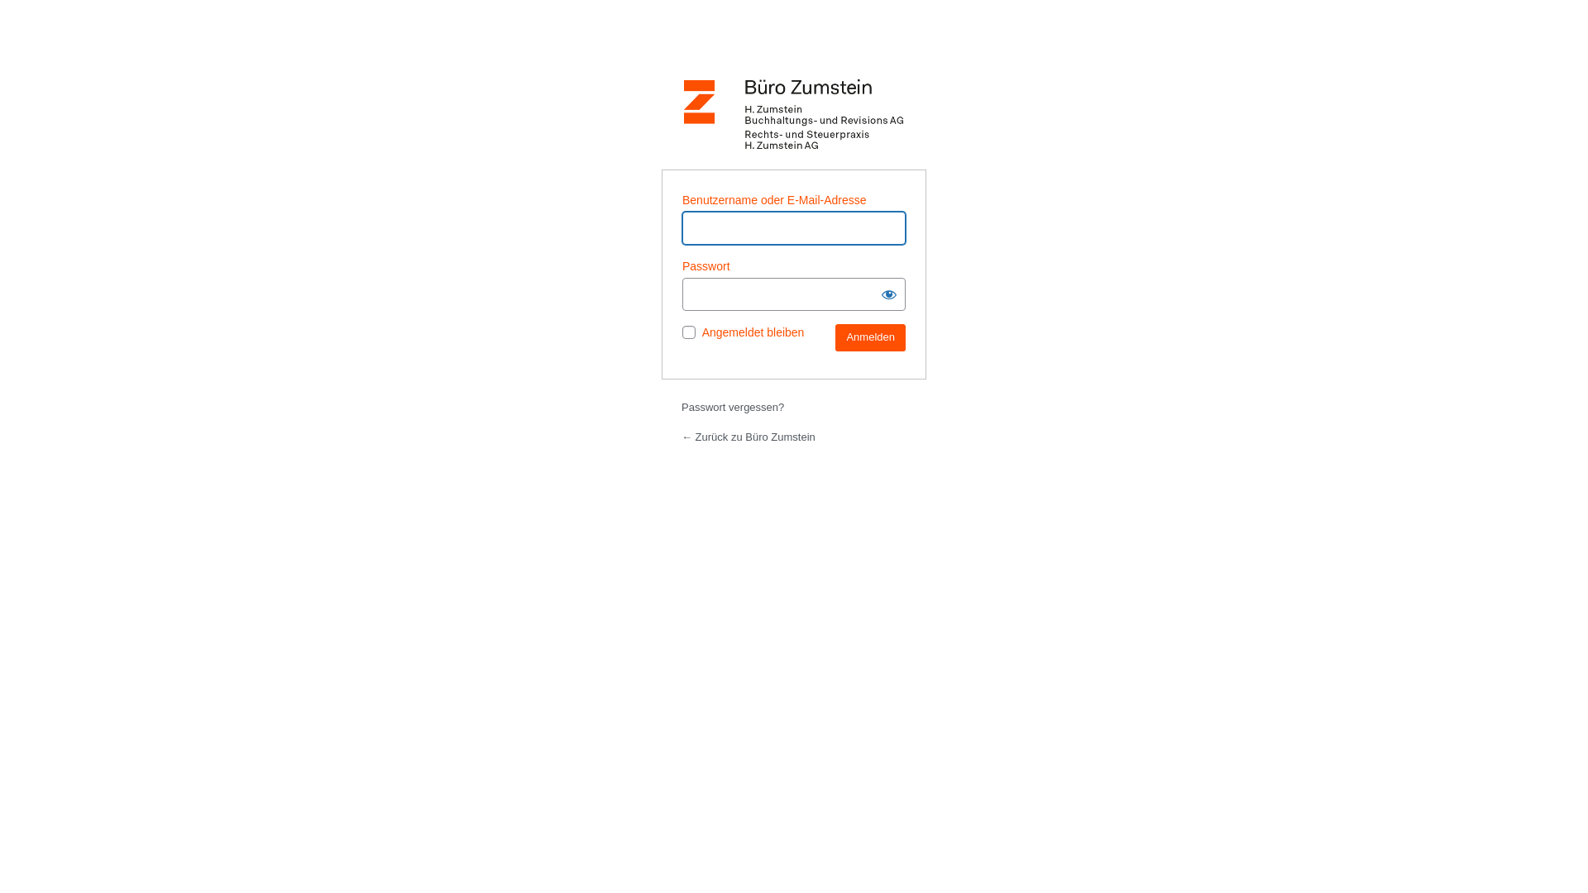  I want to click on 'Passwort vergessen?', so click(682, 407).